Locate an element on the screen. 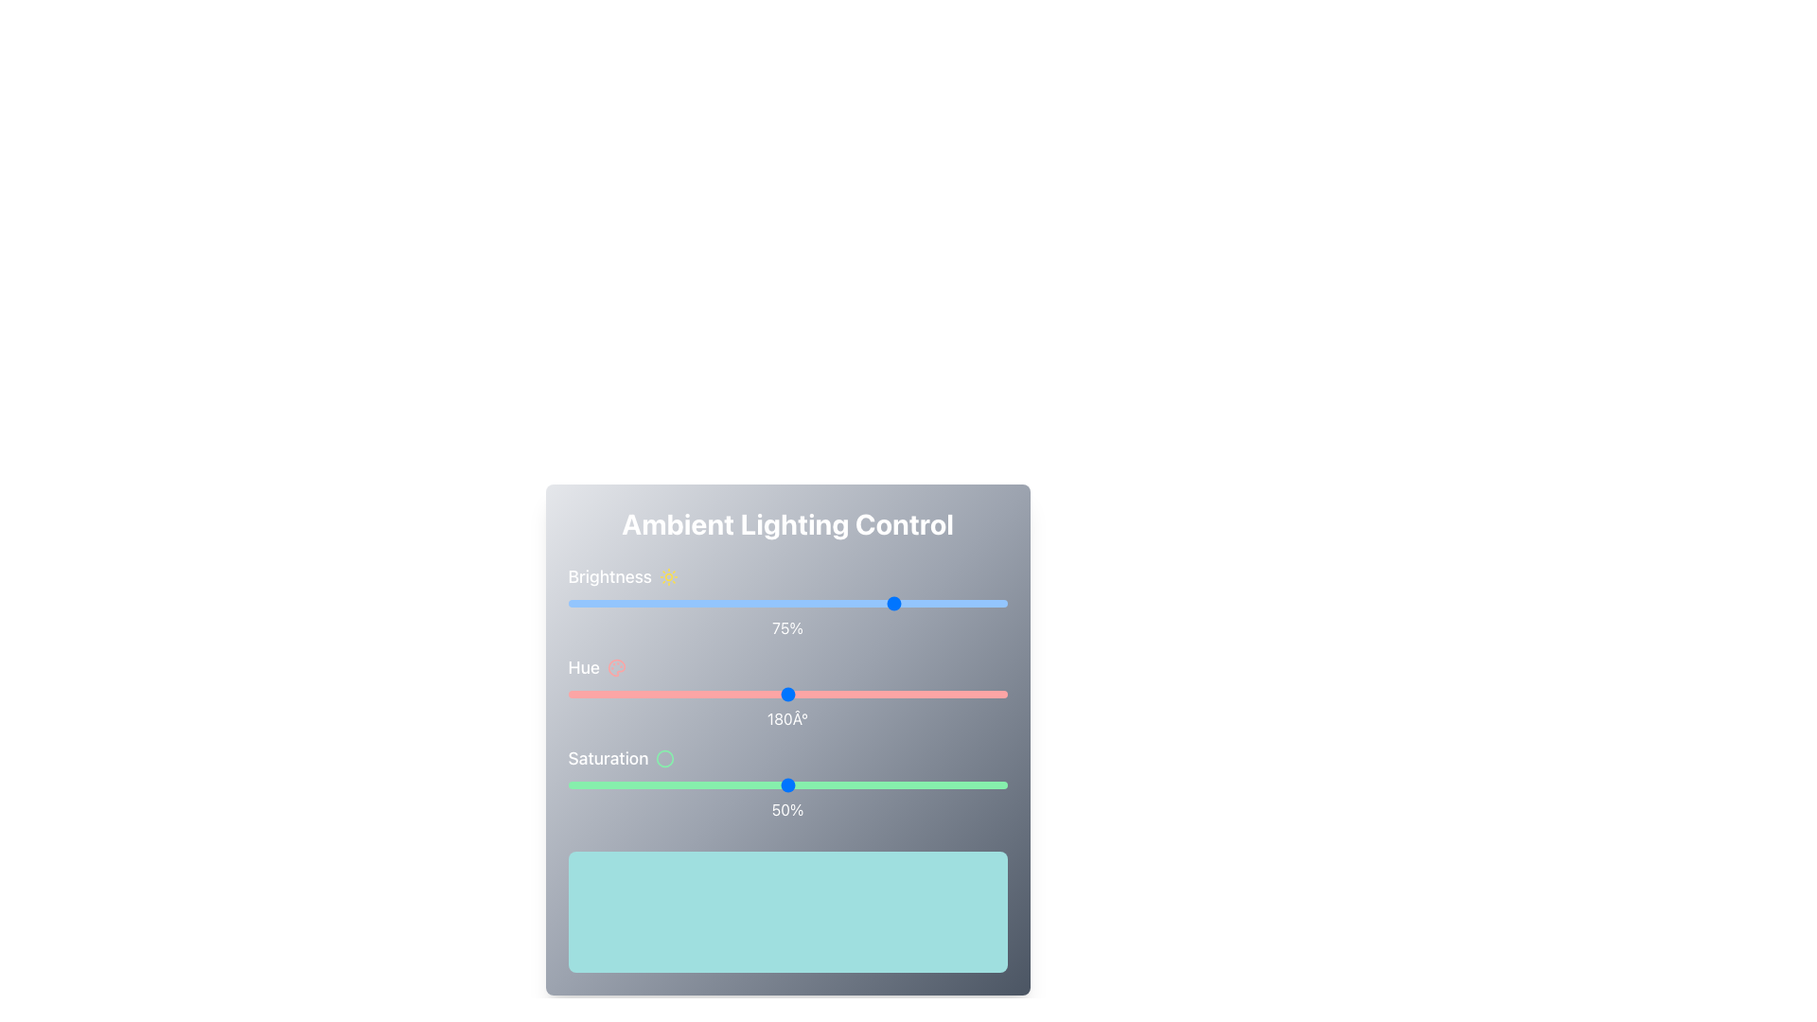 The image size is (1817, 1022). hue is located at coordinates (842, 694).